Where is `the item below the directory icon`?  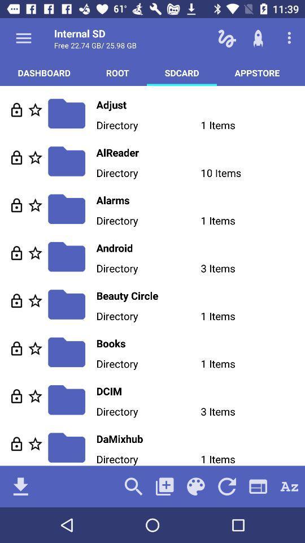
the item below the directory icon is located at coordinates (133, 486).